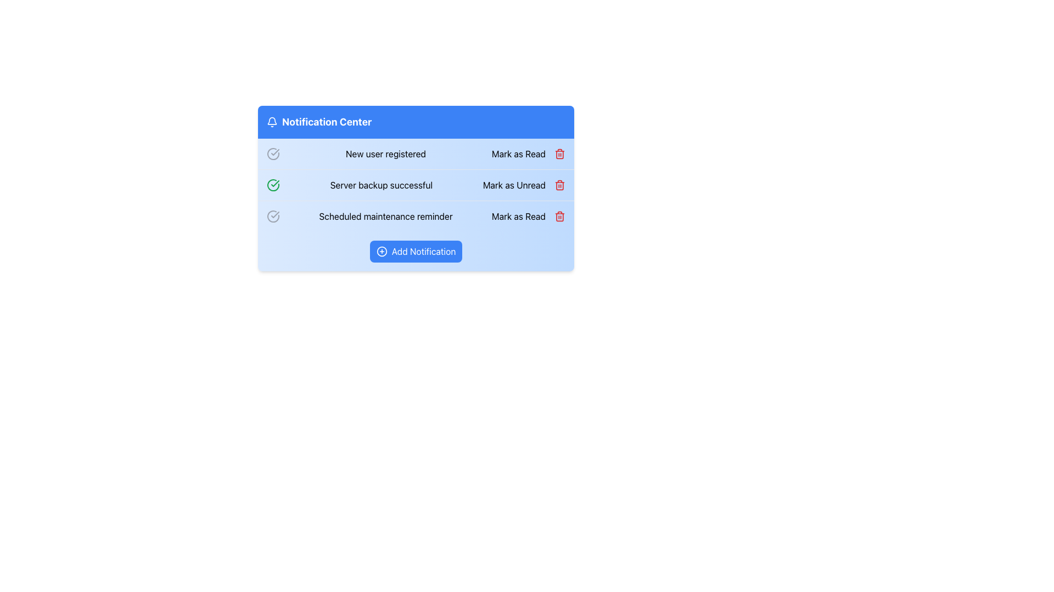 This screenshot has height=592, width=1054. What do you see at coordinates (385, 216) in the screenshot?
I see `text from the label saying 'Scheduled maintenance reminder', which is located in the third notification row of the Notification Center, styled in black text on a light blue background` at bounding box center [385, 216].